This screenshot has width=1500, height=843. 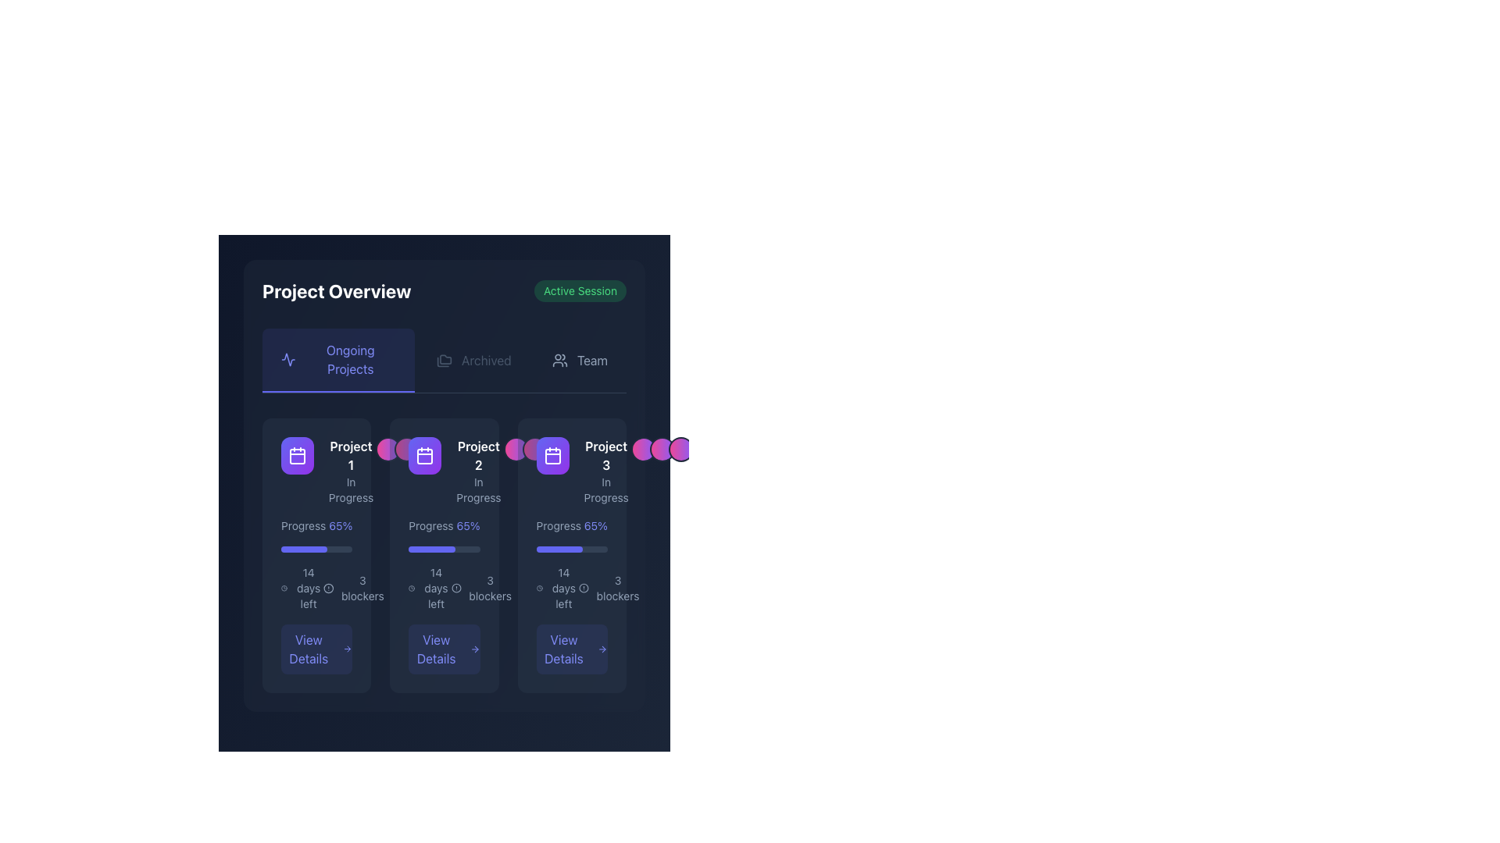 What do you see at coordinates (443, 596) in the screenshot?
I see `progress percentage ('65%') and timeframe information ('14 days left') from the Information Display located in the lower middle section of the second card in the Project Overview interface` at bounding box center [443, 596].